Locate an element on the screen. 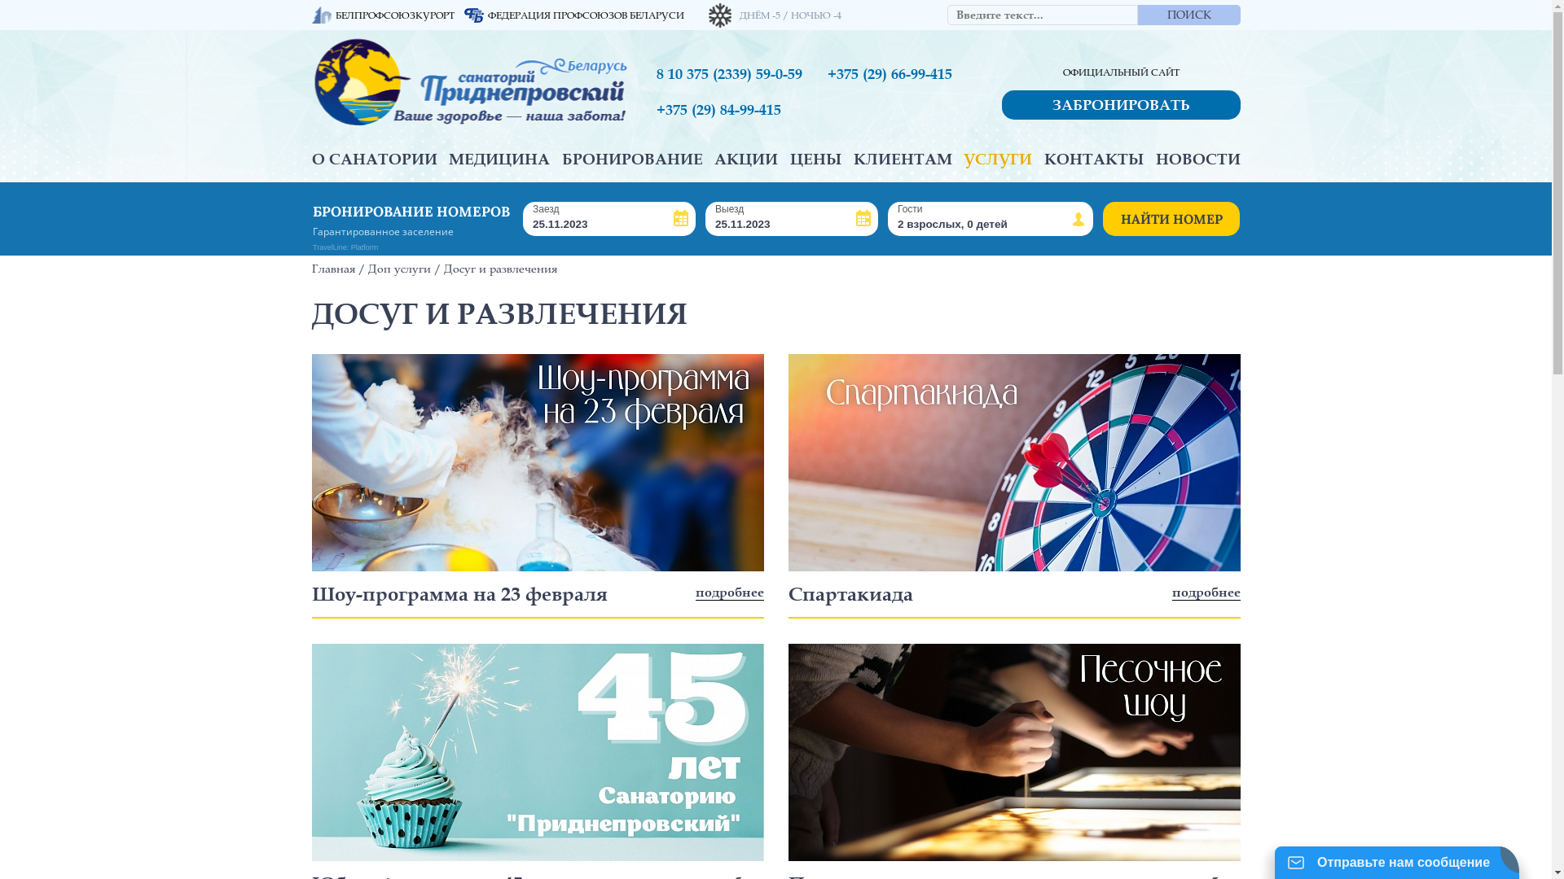  '8 10 375 (2339) 59-0-59' is located at coordinates (729, 74).